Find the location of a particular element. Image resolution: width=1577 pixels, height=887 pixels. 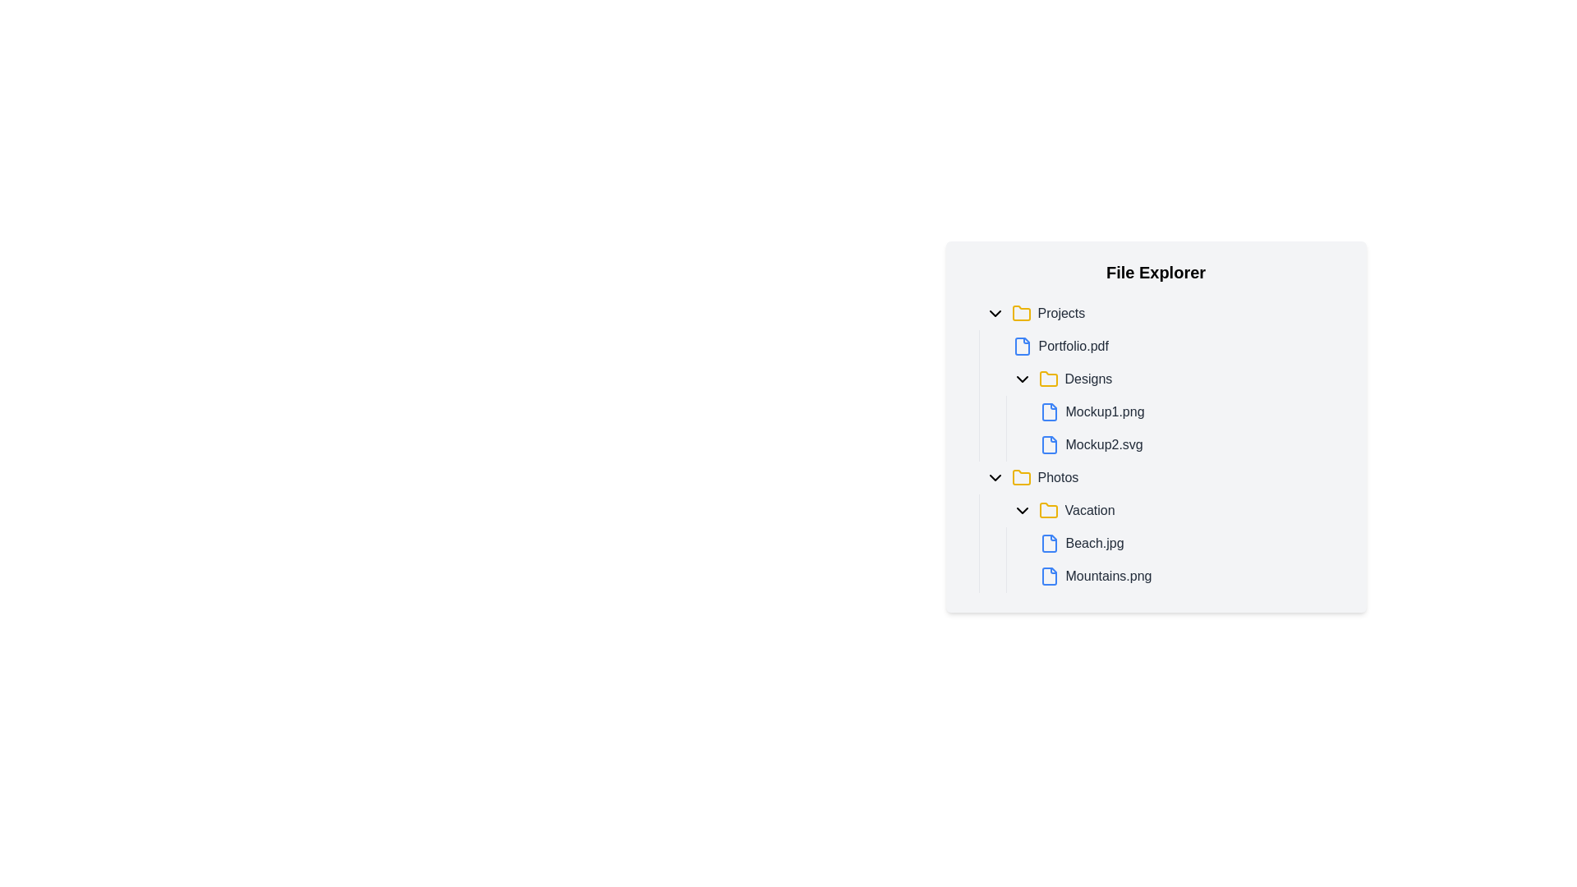

the minimalist file icon representing 'Mountains.png' located in the 'Photos > Vacation' folder section of the file explorer interface is located at coordinates (1048, 576).